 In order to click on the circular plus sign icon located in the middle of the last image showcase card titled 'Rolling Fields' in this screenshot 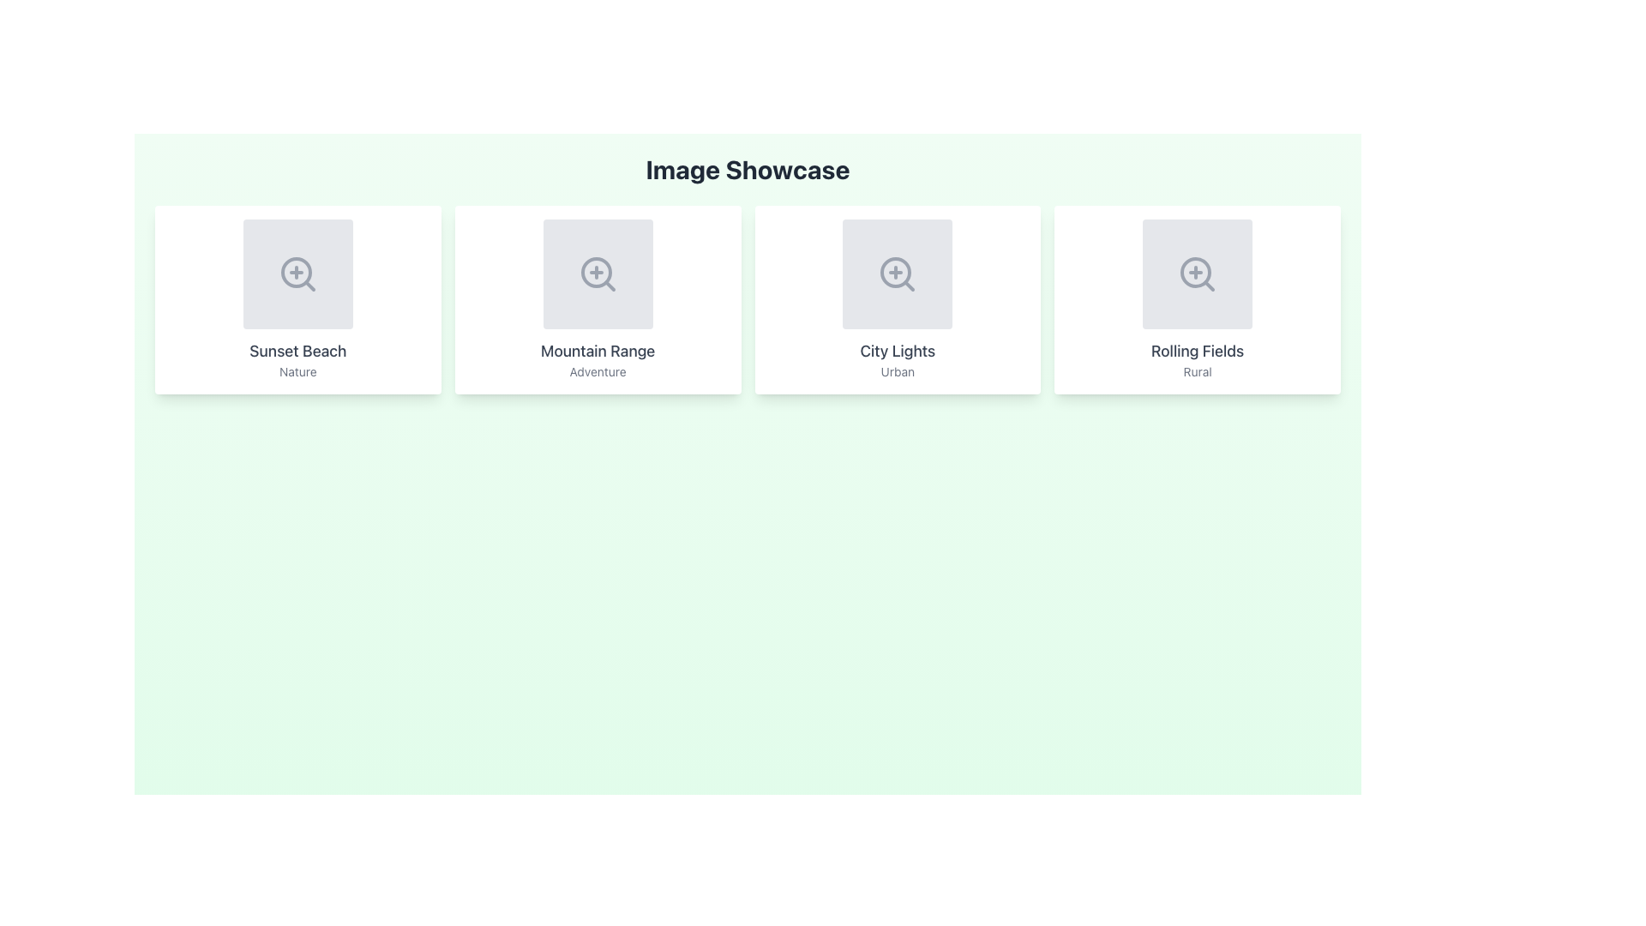, I will do `click(1195, 271)`.